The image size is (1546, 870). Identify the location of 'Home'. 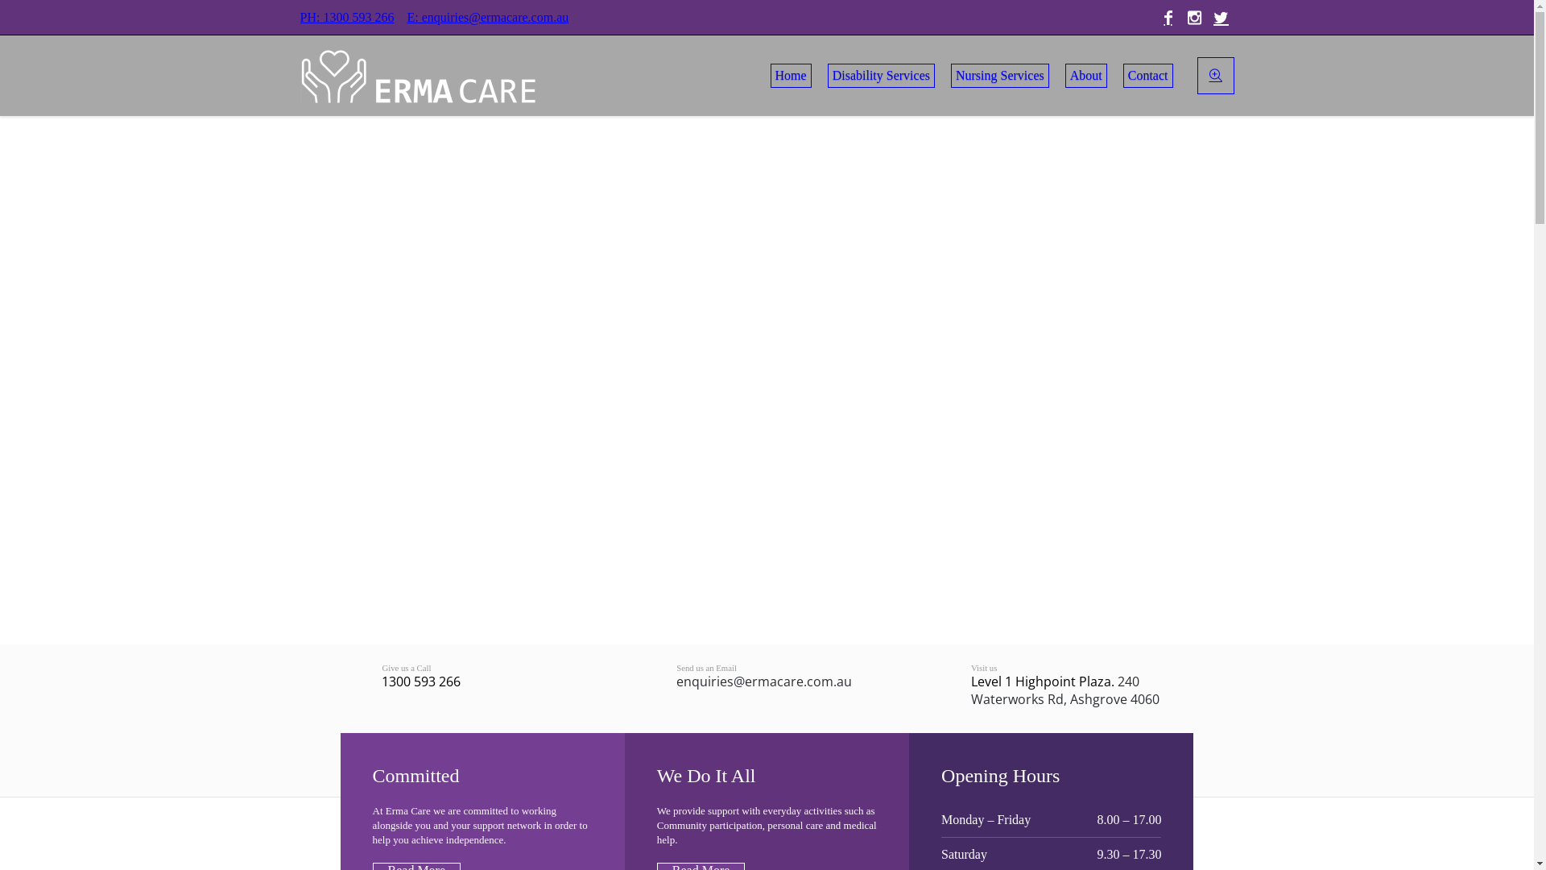
(791, 75).